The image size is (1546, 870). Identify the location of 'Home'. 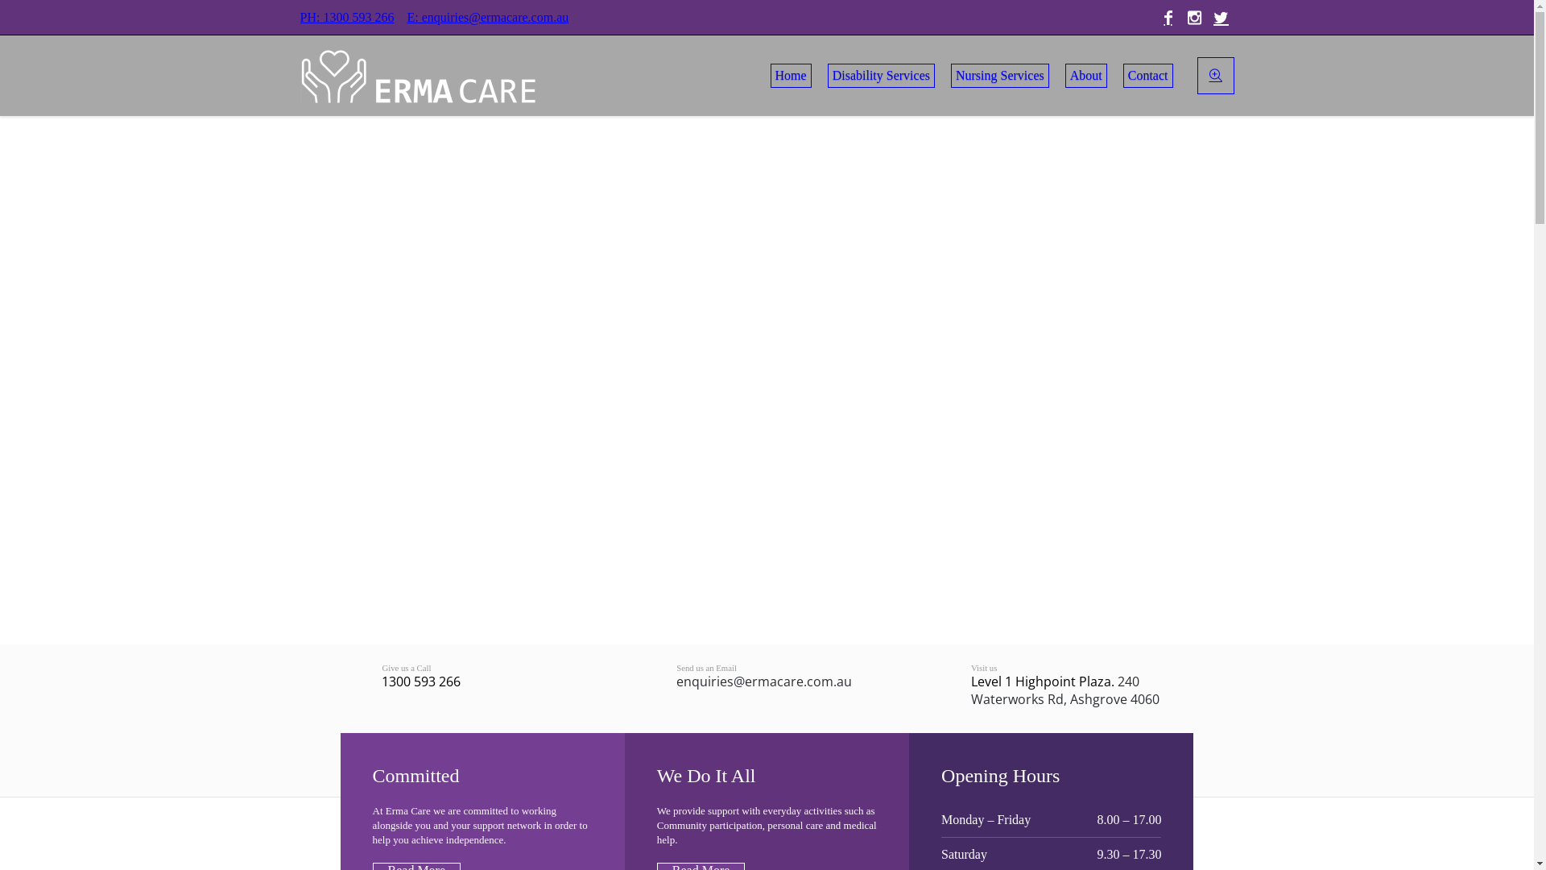
(791, 75).